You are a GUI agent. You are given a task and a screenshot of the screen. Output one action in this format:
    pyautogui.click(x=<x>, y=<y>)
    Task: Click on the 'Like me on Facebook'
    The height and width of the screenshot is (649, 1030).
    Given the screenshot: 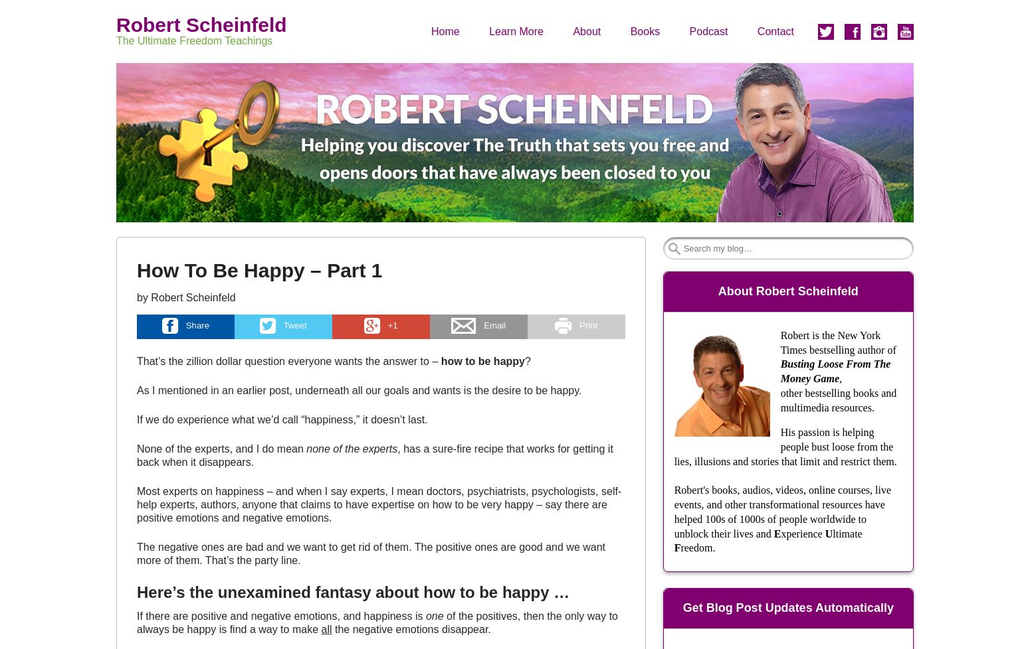 What is the action you would take?
    pyautogui.click(x=867, y=76)
    